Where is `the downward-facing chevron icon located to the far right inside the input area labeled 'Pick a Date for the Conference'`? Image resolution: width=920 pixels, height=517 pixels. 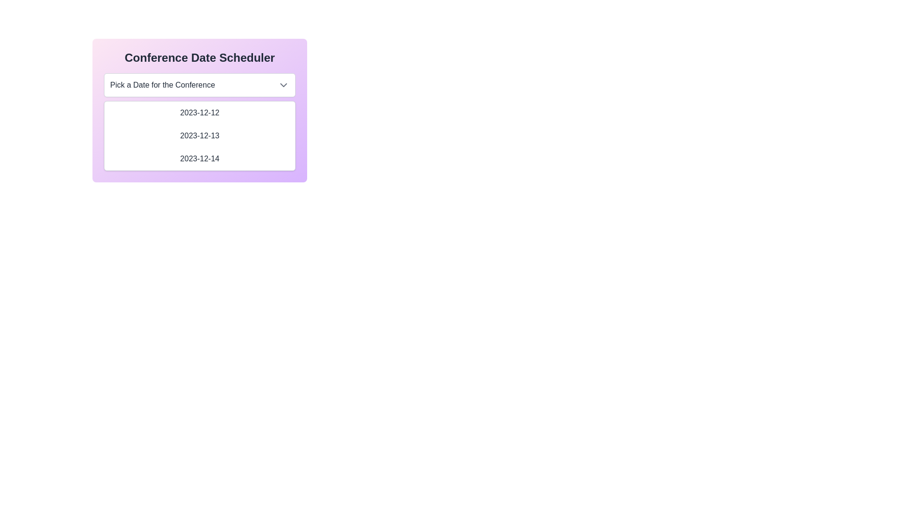
the downward-facing chevron icon located to the far right inside the input area labeled 'Pick a Date for the Conference' is located at coordinates (283, 84).